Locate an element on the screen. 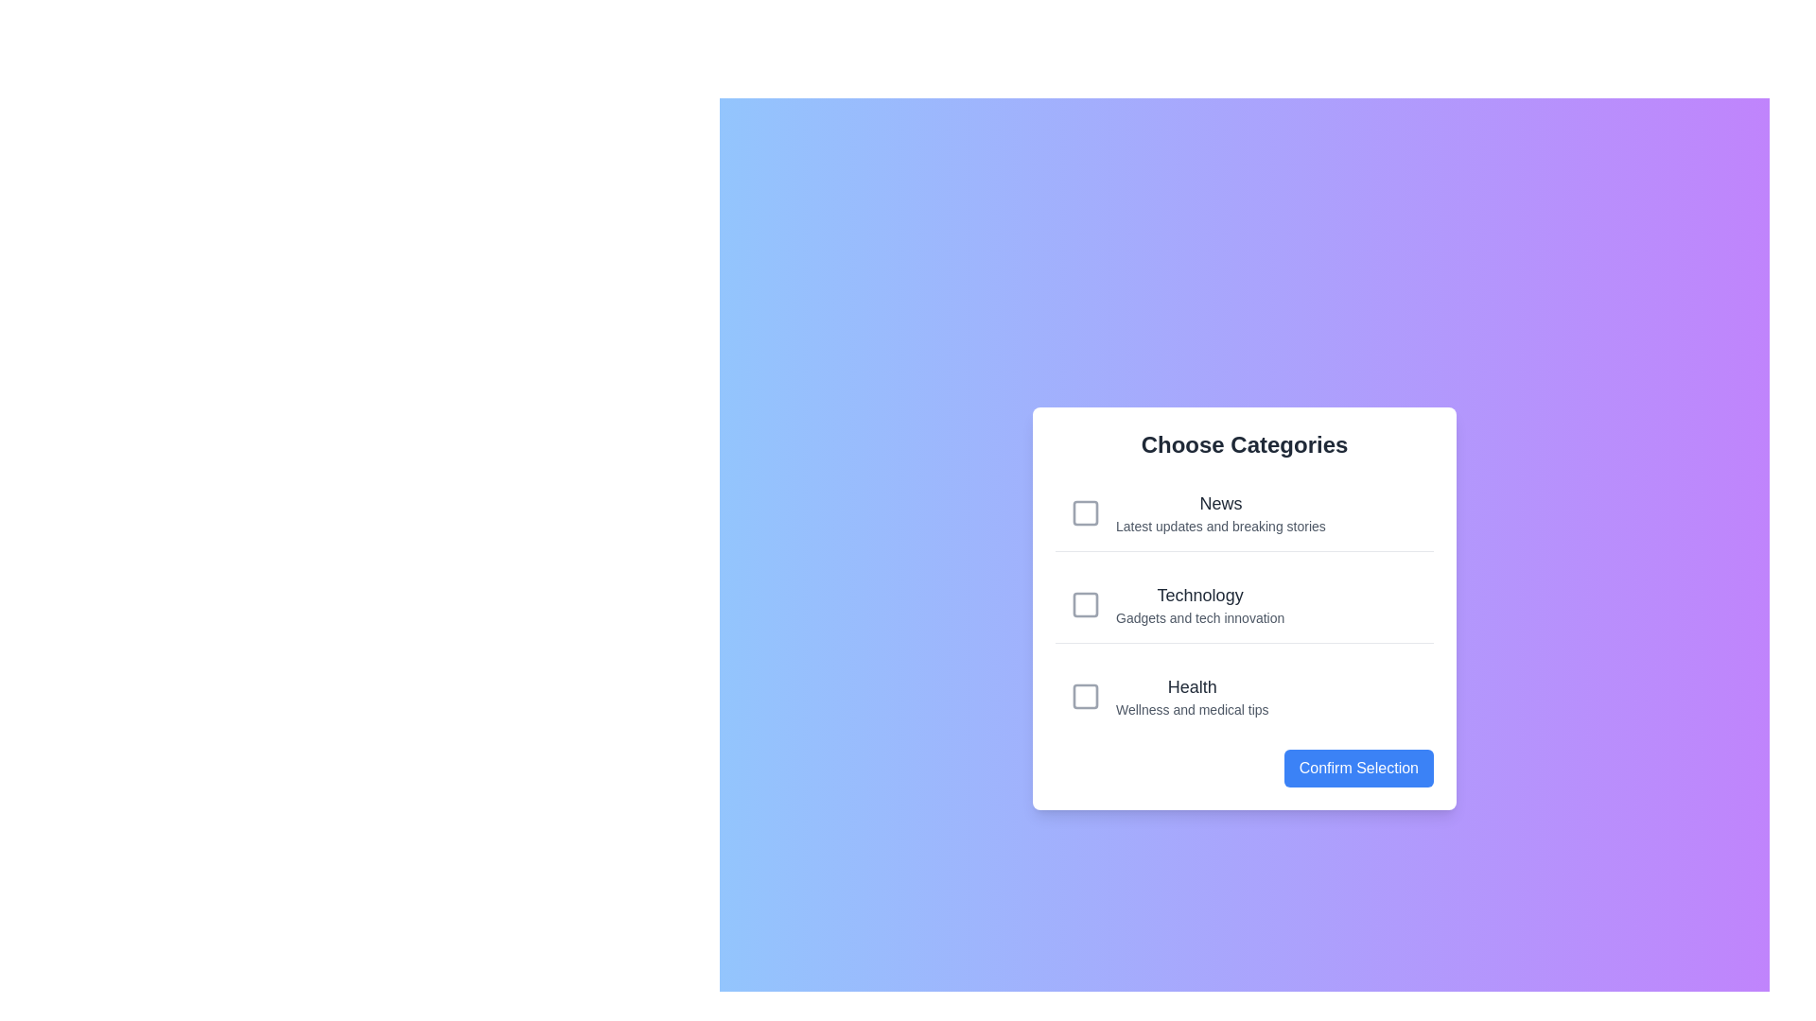  the category Technology to toggle its selection state is located at coordinates (1244, 605).